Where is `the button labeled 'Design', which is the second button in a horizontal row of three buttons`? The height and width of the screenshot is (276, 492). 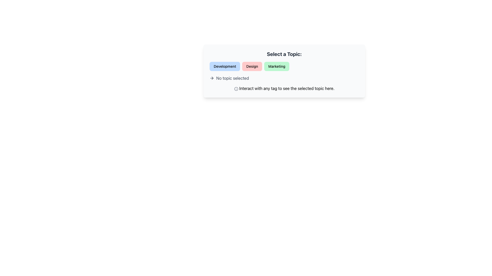 the button labeled 'Design', which is the second button in a horizontal row of three buttons is located at coordinates (252, 66).